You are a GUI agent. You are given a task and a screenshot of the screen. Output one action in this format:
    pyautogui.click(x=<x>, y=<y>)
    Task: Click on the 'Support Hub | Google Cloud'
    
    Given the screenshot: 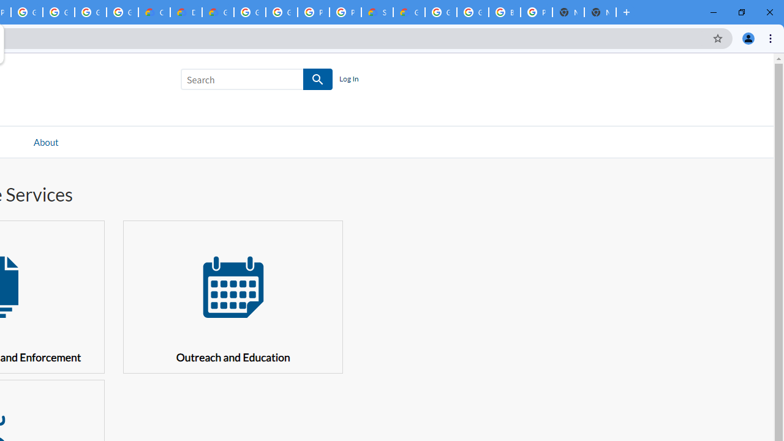 What is the action you would take?
    pyautogui.click(x=377, y=12)
    